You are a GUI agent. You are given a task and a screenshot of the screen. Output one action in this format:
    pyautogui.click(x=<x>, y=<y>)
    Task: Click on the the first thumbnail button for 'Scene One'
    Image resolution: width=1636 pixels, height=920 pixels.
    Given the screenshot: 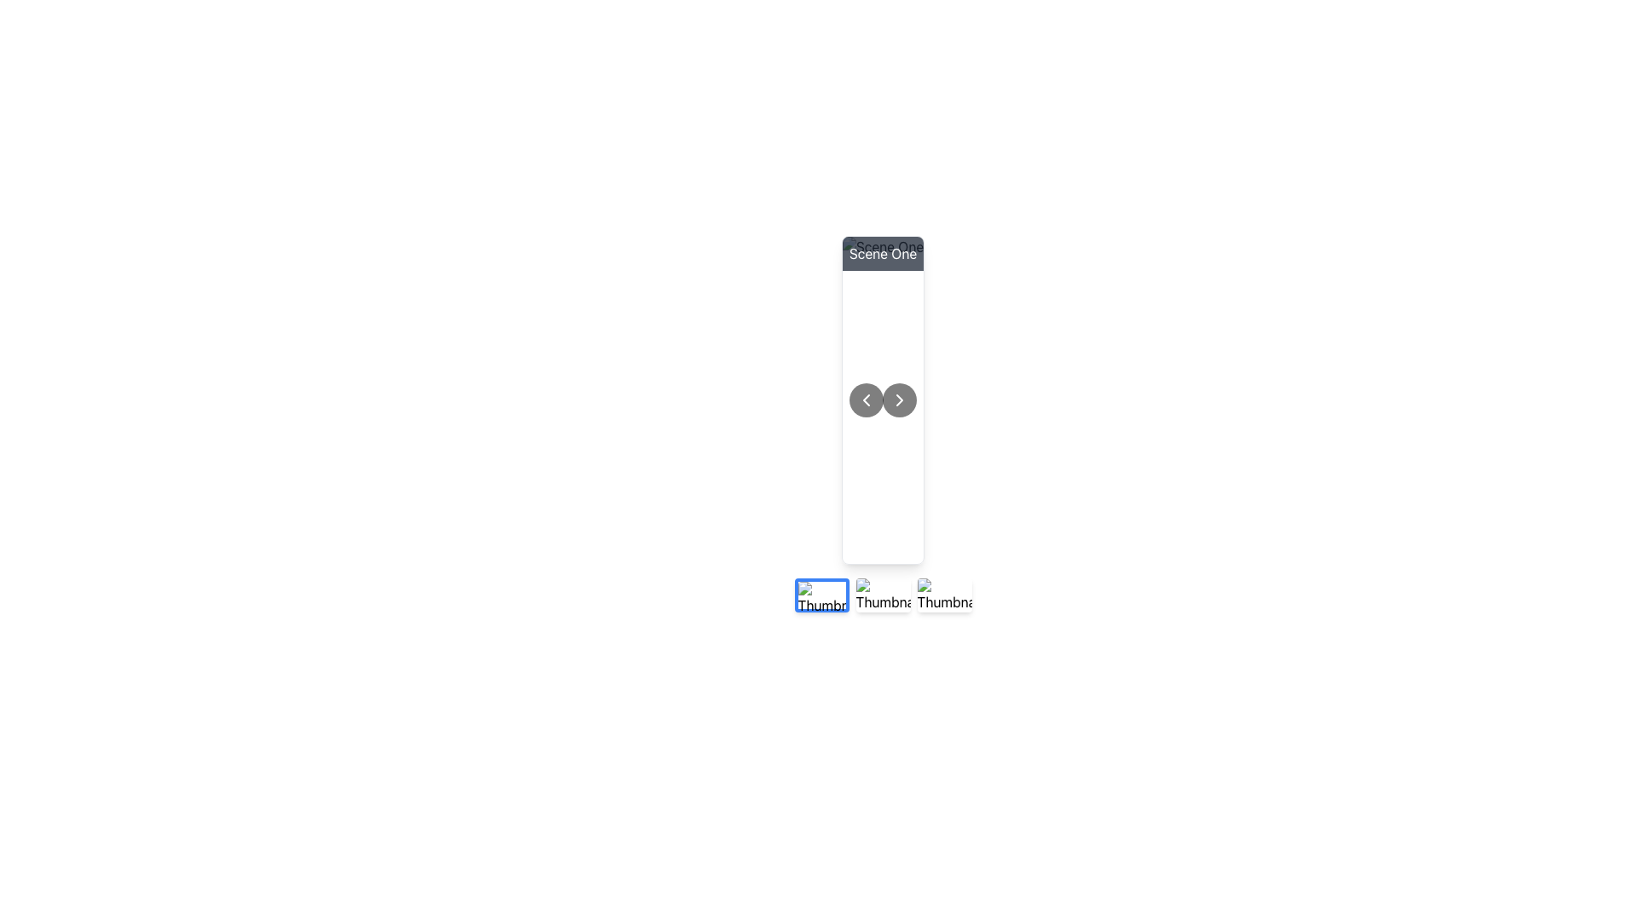 What is the action you would take?
    pyautogui.click(x=821, y=594)
    